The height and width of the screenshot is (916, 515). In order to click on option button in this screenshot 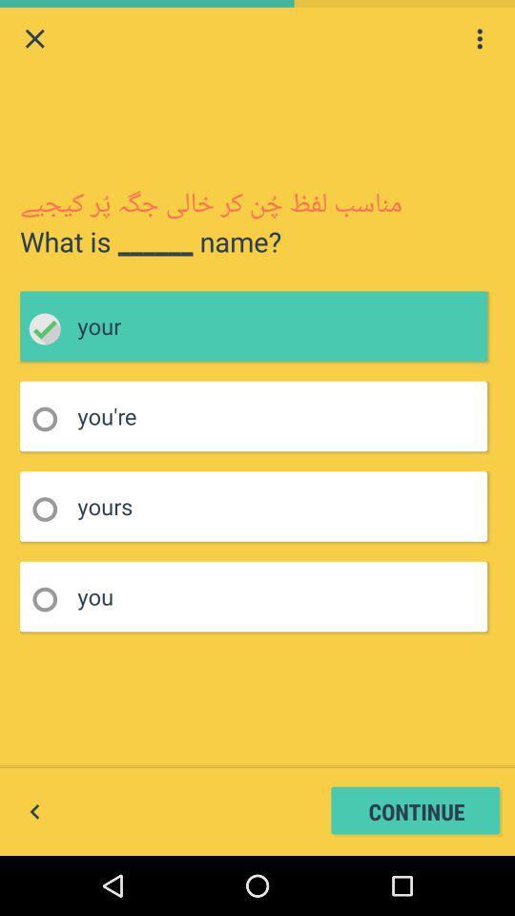, I will do `click(51, 509)`.